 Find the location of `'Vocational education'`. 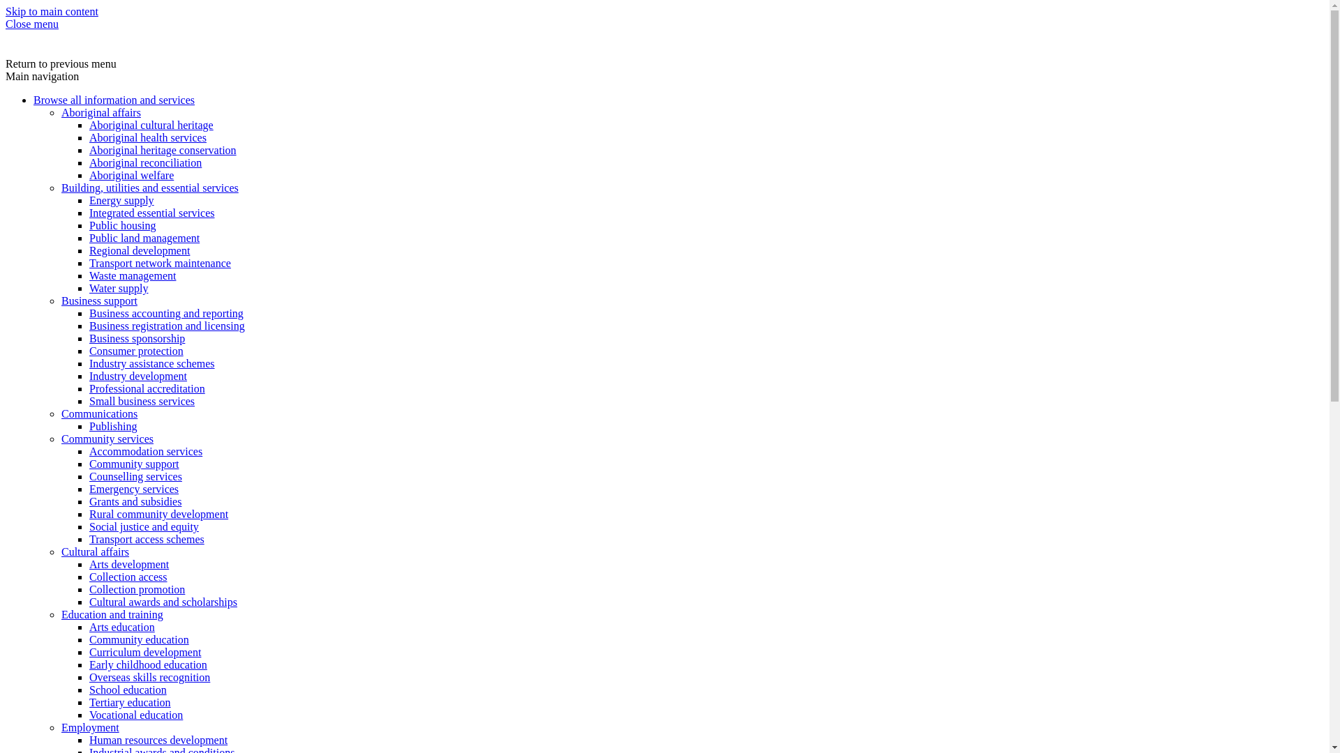

'Vocational education' is located at coordinates (136, 715).